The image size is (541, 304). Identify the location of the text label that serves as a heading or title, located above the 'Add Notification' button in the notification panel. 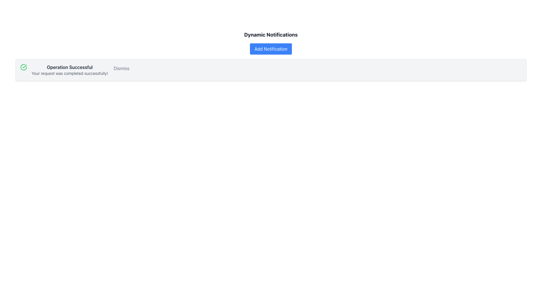
(271, 35).